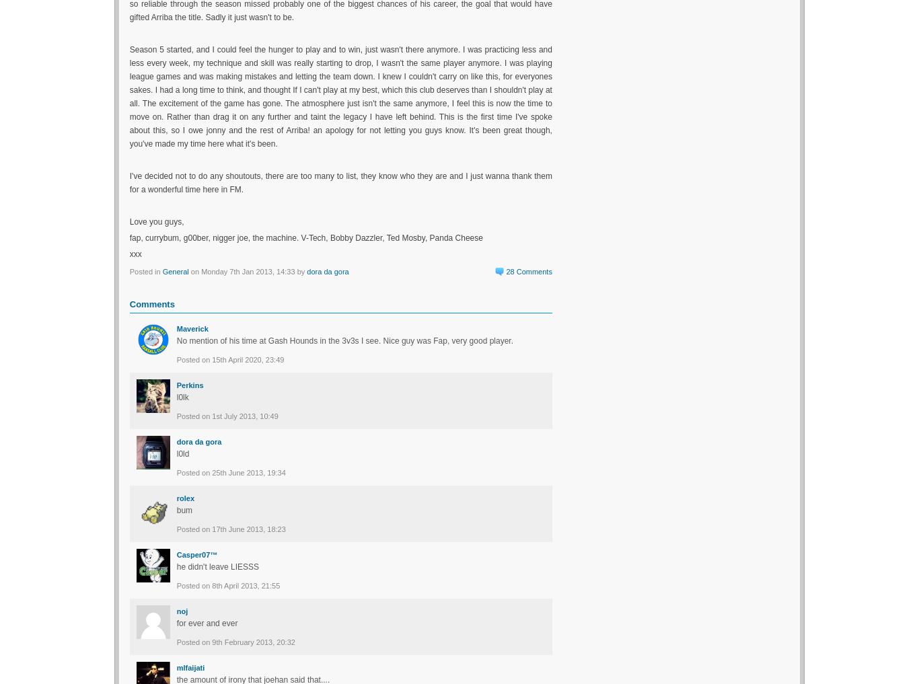 The width and height of the screenshot is (919, 684). Describe the element at coordinates (176, 453) in the screenshot. I see `'l0ld'` at that location.